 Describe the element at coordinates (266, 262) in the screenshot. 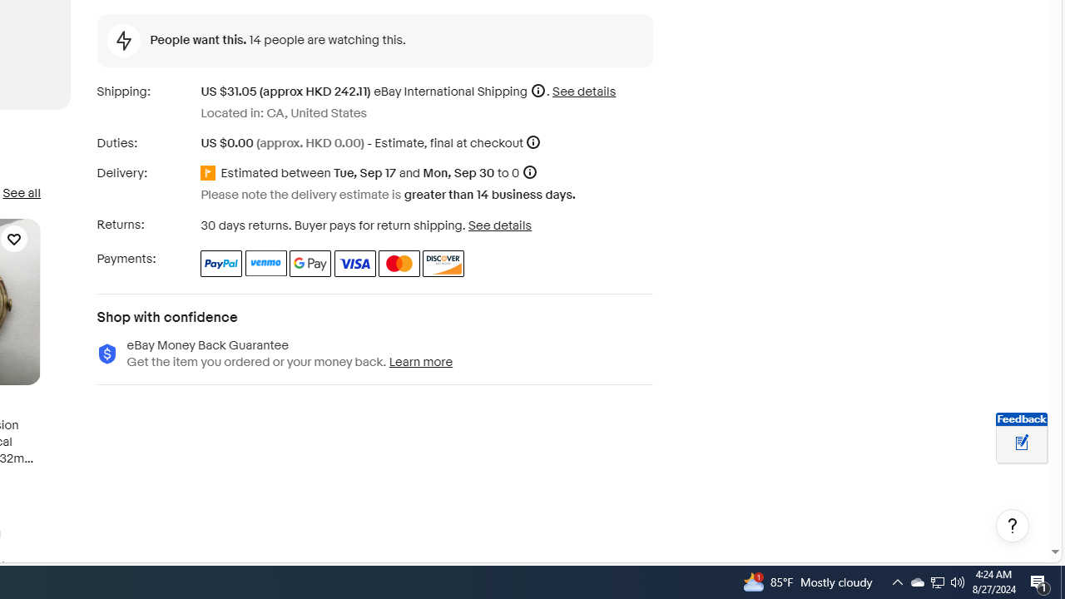

I see `'Venmo'` at that location.